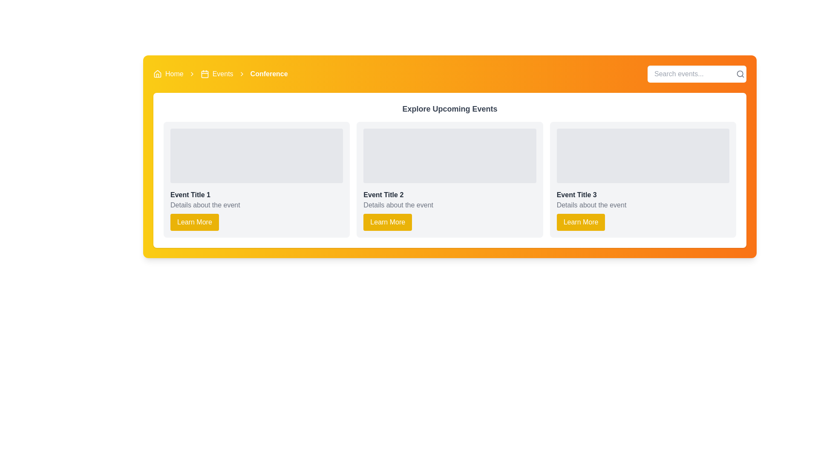  I want to click on the text label displaying 'Event Title 3', which is positioned above the description text and below the header 'Explore Upcoming Events' in the rightmost card layout, so click(576, 195).